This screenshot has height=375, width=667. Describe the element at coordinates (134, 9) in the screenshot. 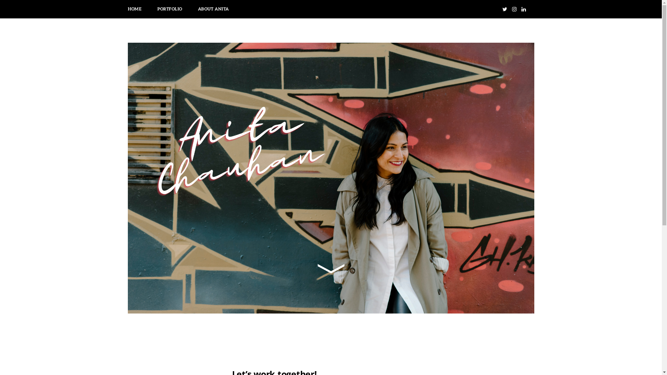

I see `'HOME'` at that location.